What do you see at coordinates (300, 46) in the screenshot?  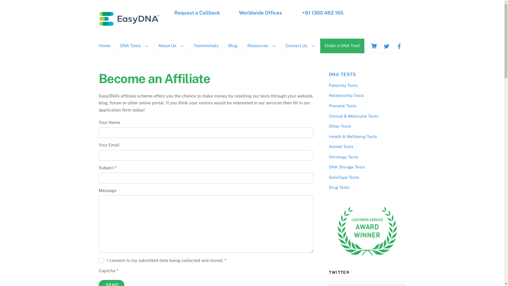 I see `'Contact Us'` at bounding box center [300, 46].